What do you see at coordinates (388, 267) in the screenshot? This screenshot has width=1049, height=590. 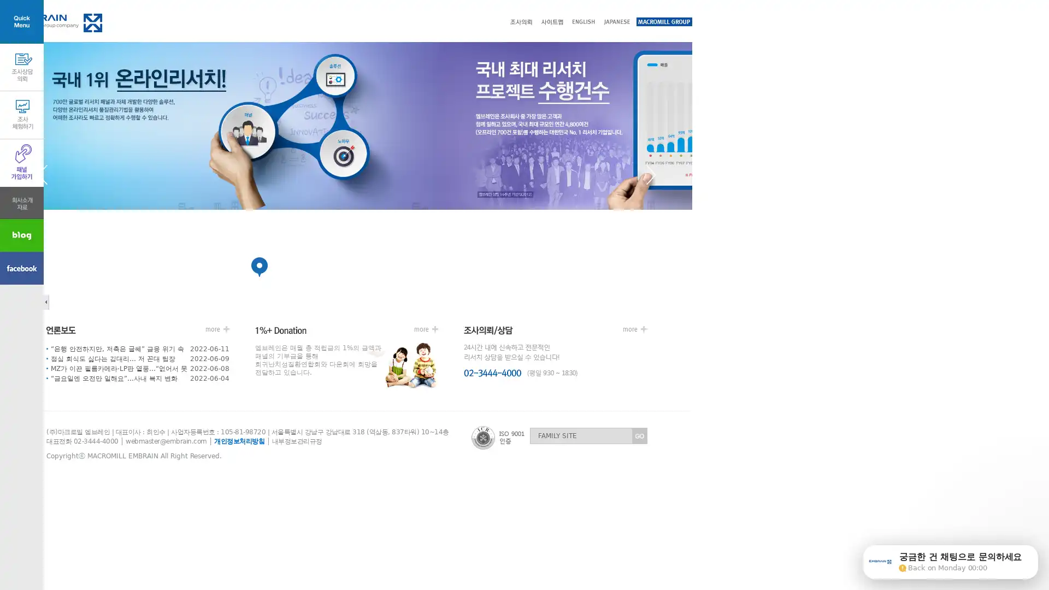 I see `2` at bounding box center [388, 267].